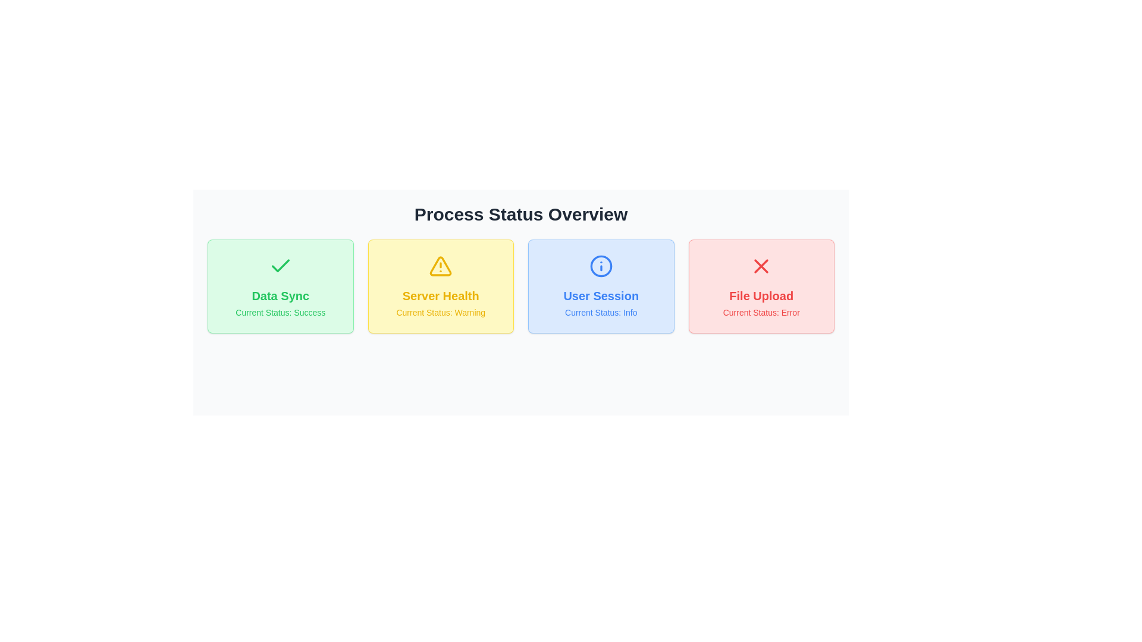  I want to click on the success icon located at the top center of the first light green status card, which visually indicates a successful status or operation, so click(280, 265).